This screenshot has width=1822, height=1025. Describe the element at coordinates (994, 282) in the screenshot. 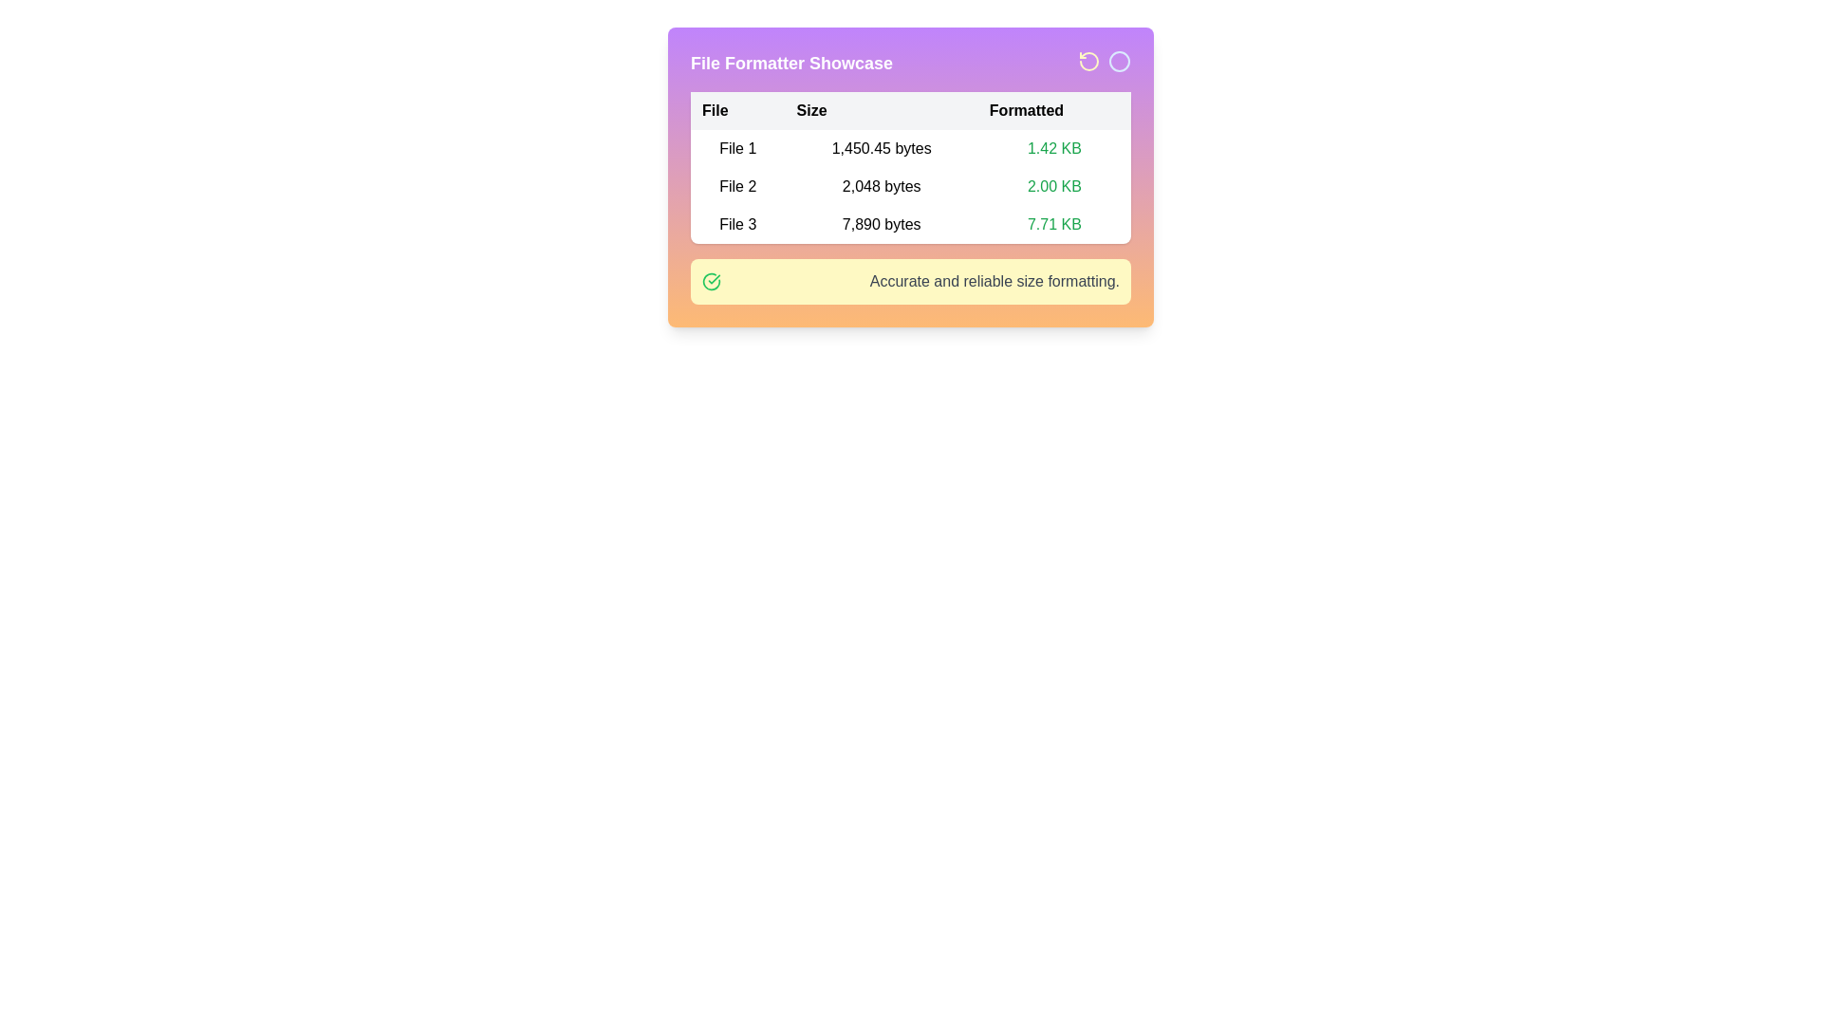

I see `the informational text label that describes the functionality or benefit of the associated component, positioned to the right of a green checkmark icon` at that location.